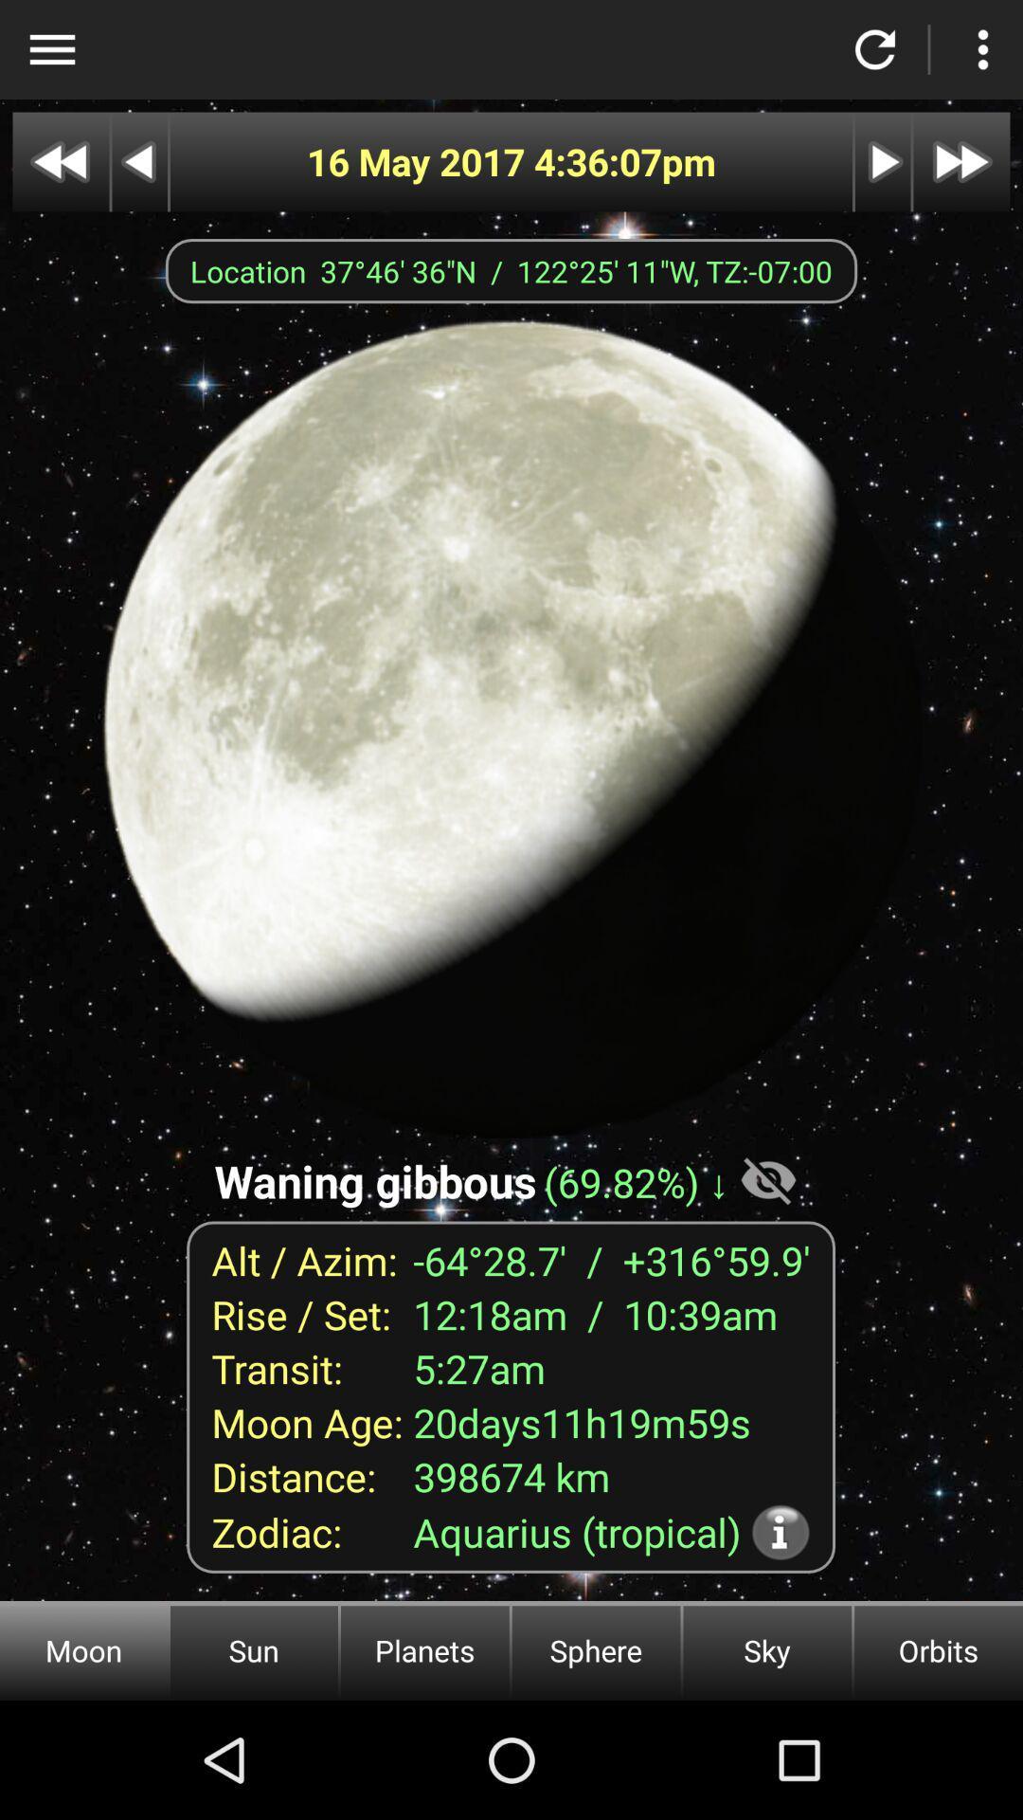 The height and width of the screenshot is (1820, 1023). I want to click on previous month, so click(60, 162).